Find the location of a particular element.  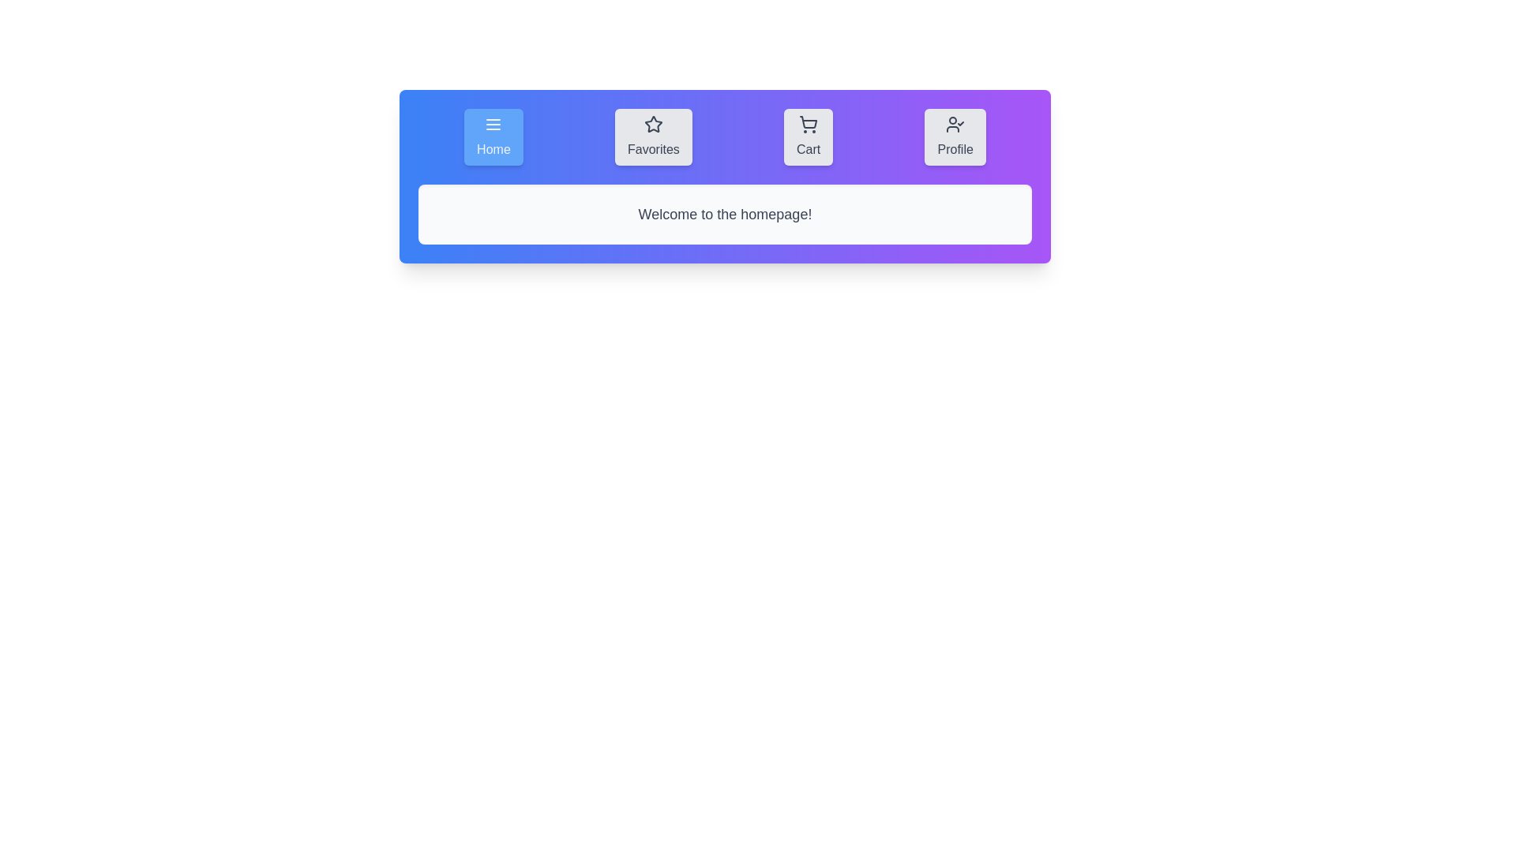

the shopping cart icon located in the central navigation bar, specifically the third button labeled 'Cart', situated between the 'Favorites' and 'Profile' buttons is located at coordinates (809, 121).